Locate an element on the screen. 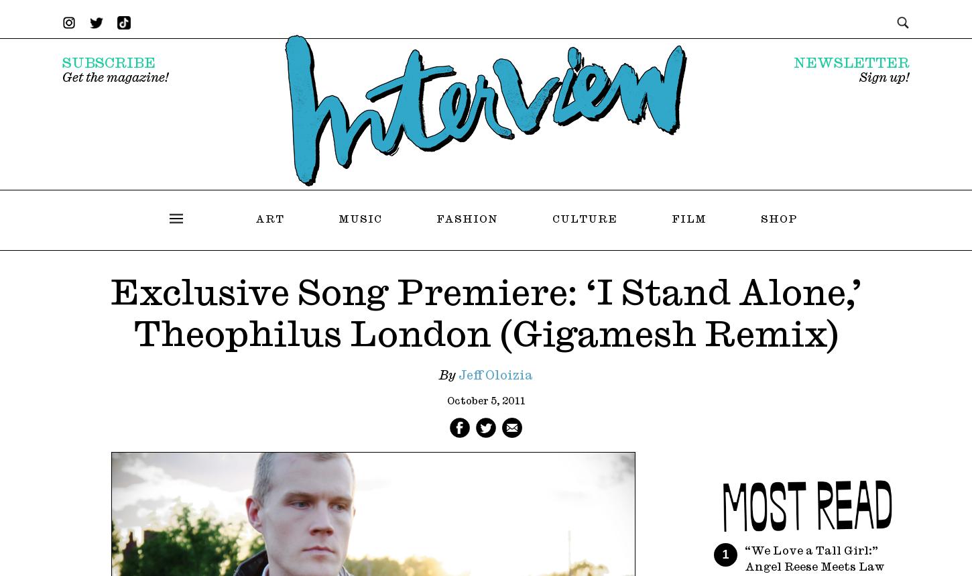 This screenshot has height=576, width=972. 'Culture' is located at coordinates (584, 218).